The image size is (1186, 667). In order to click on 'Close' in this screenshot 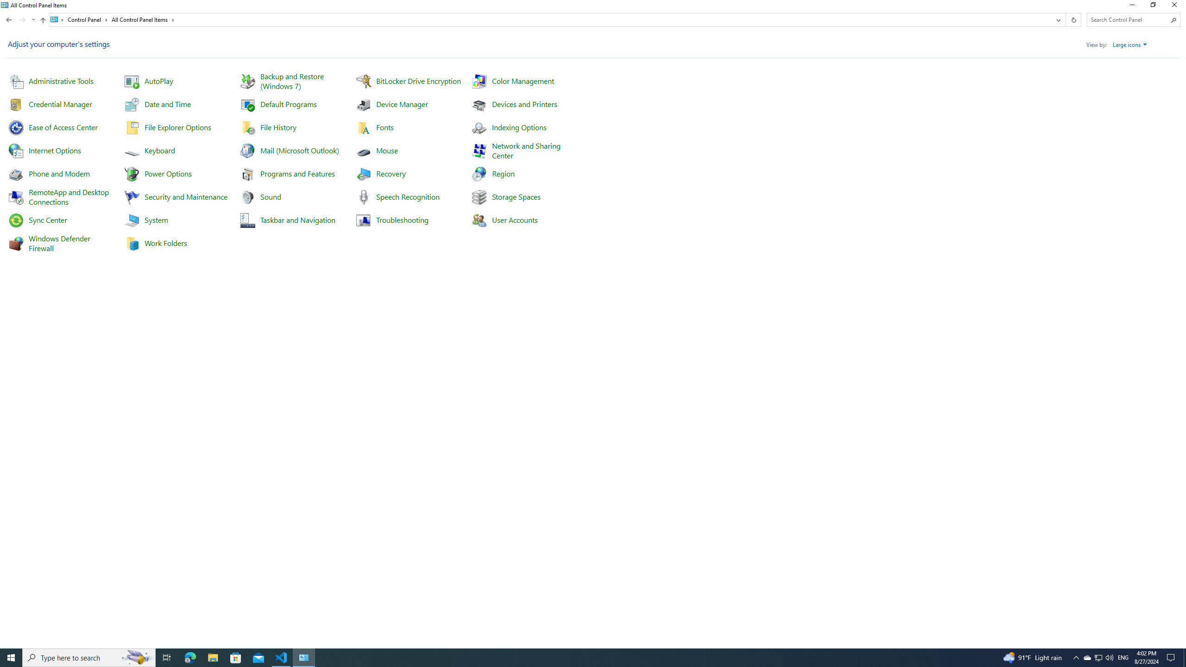, I will do `click(1176, 7)`.